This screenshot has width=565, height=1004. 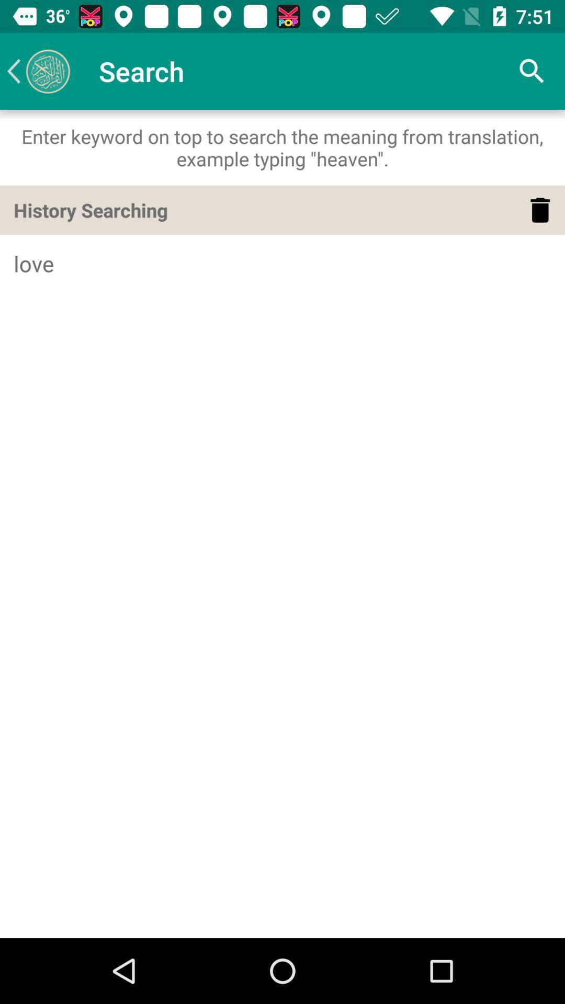 I want to click on item to the left of search item, so click(x=38, y=71).